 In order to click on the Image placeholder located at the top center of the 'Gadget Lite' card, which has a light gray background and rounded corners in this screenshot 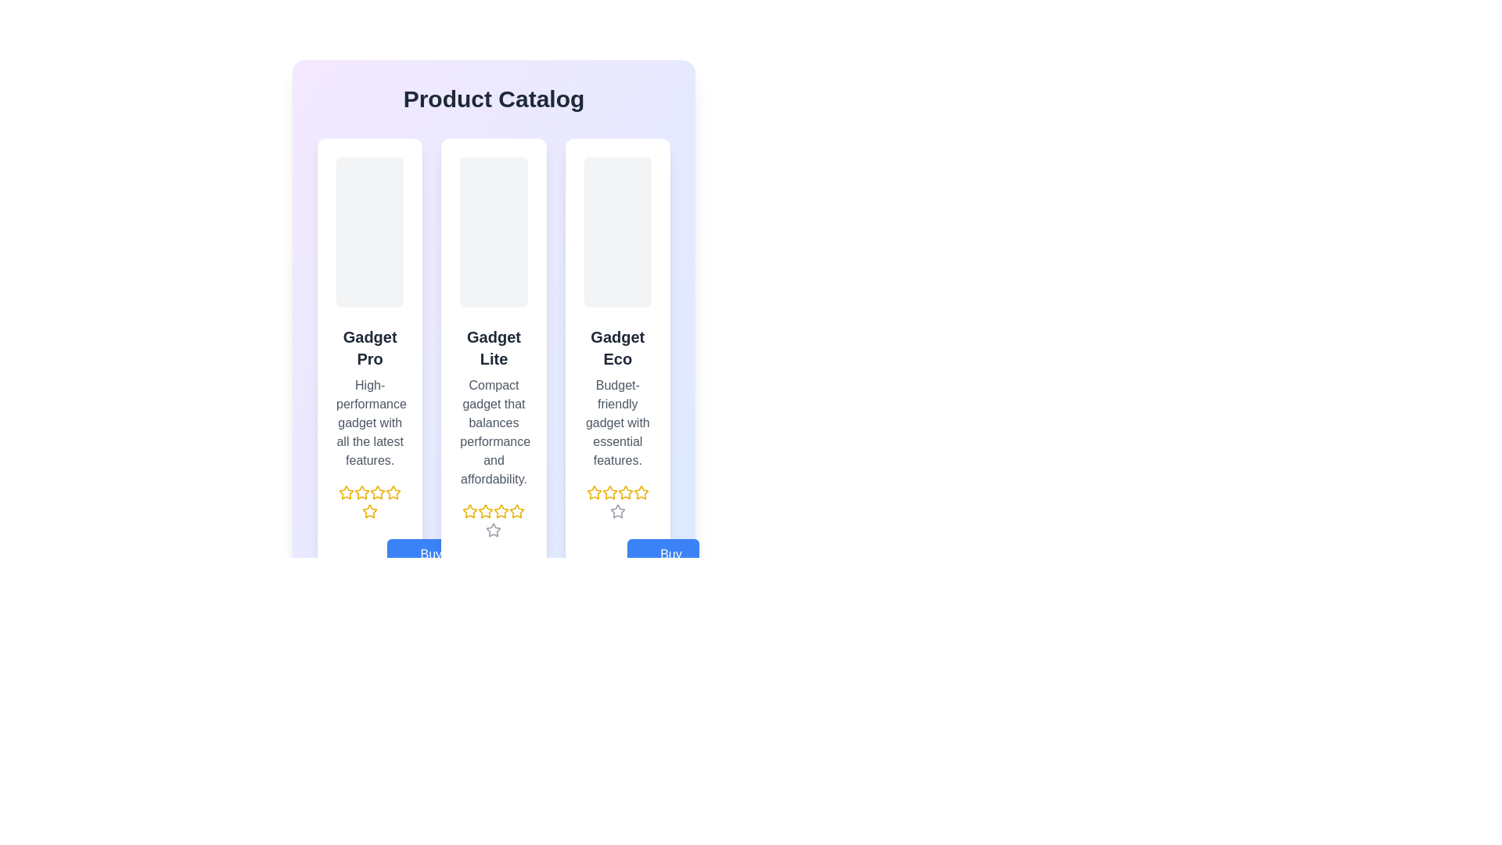, I will do `click(493, 232)`.